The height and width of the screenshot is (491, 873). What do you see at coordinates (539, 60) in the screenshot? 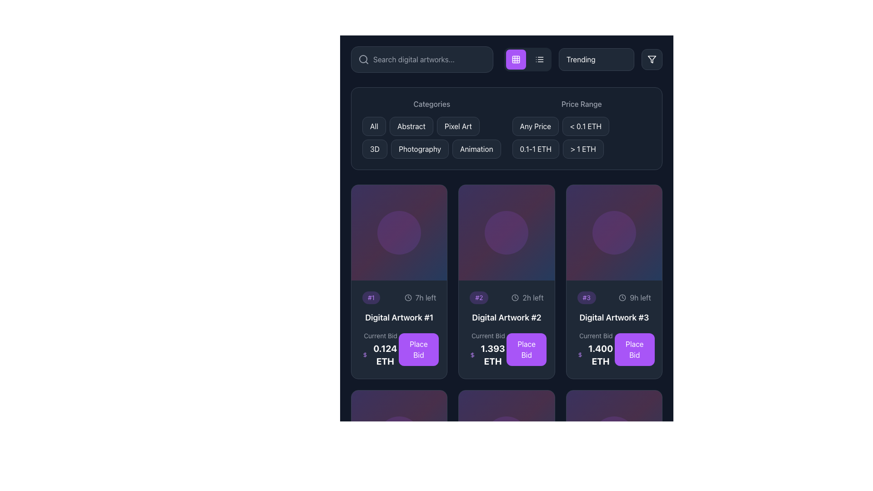
I see `the icon button that depicts a list symbol, featuring three horizontal lines with small circles` at bounding box center [539, 60].